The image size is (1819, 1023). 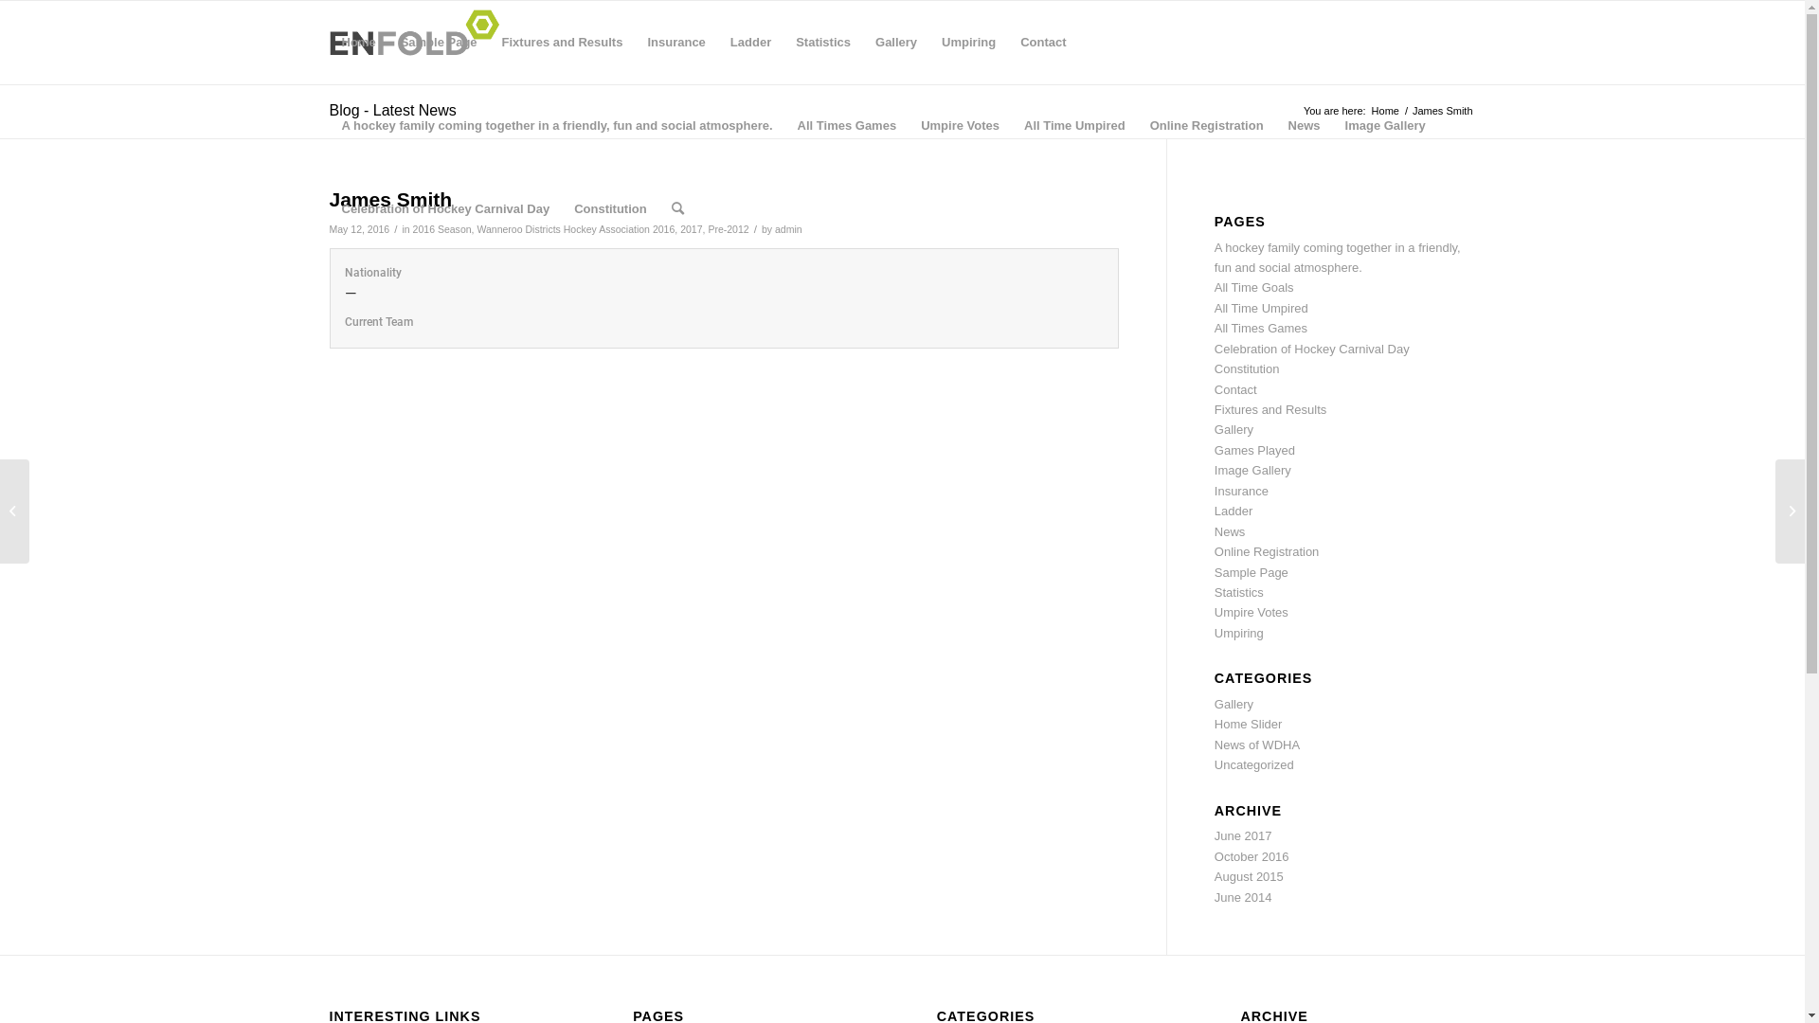 I want to click on 'Uncategorized', so click(x=1254, y=763).